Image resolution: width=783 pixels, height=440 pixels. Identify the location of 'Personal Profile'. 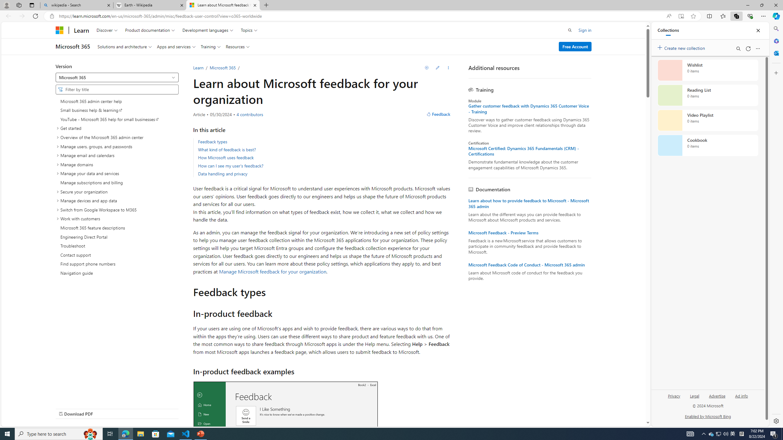
(6, 5).